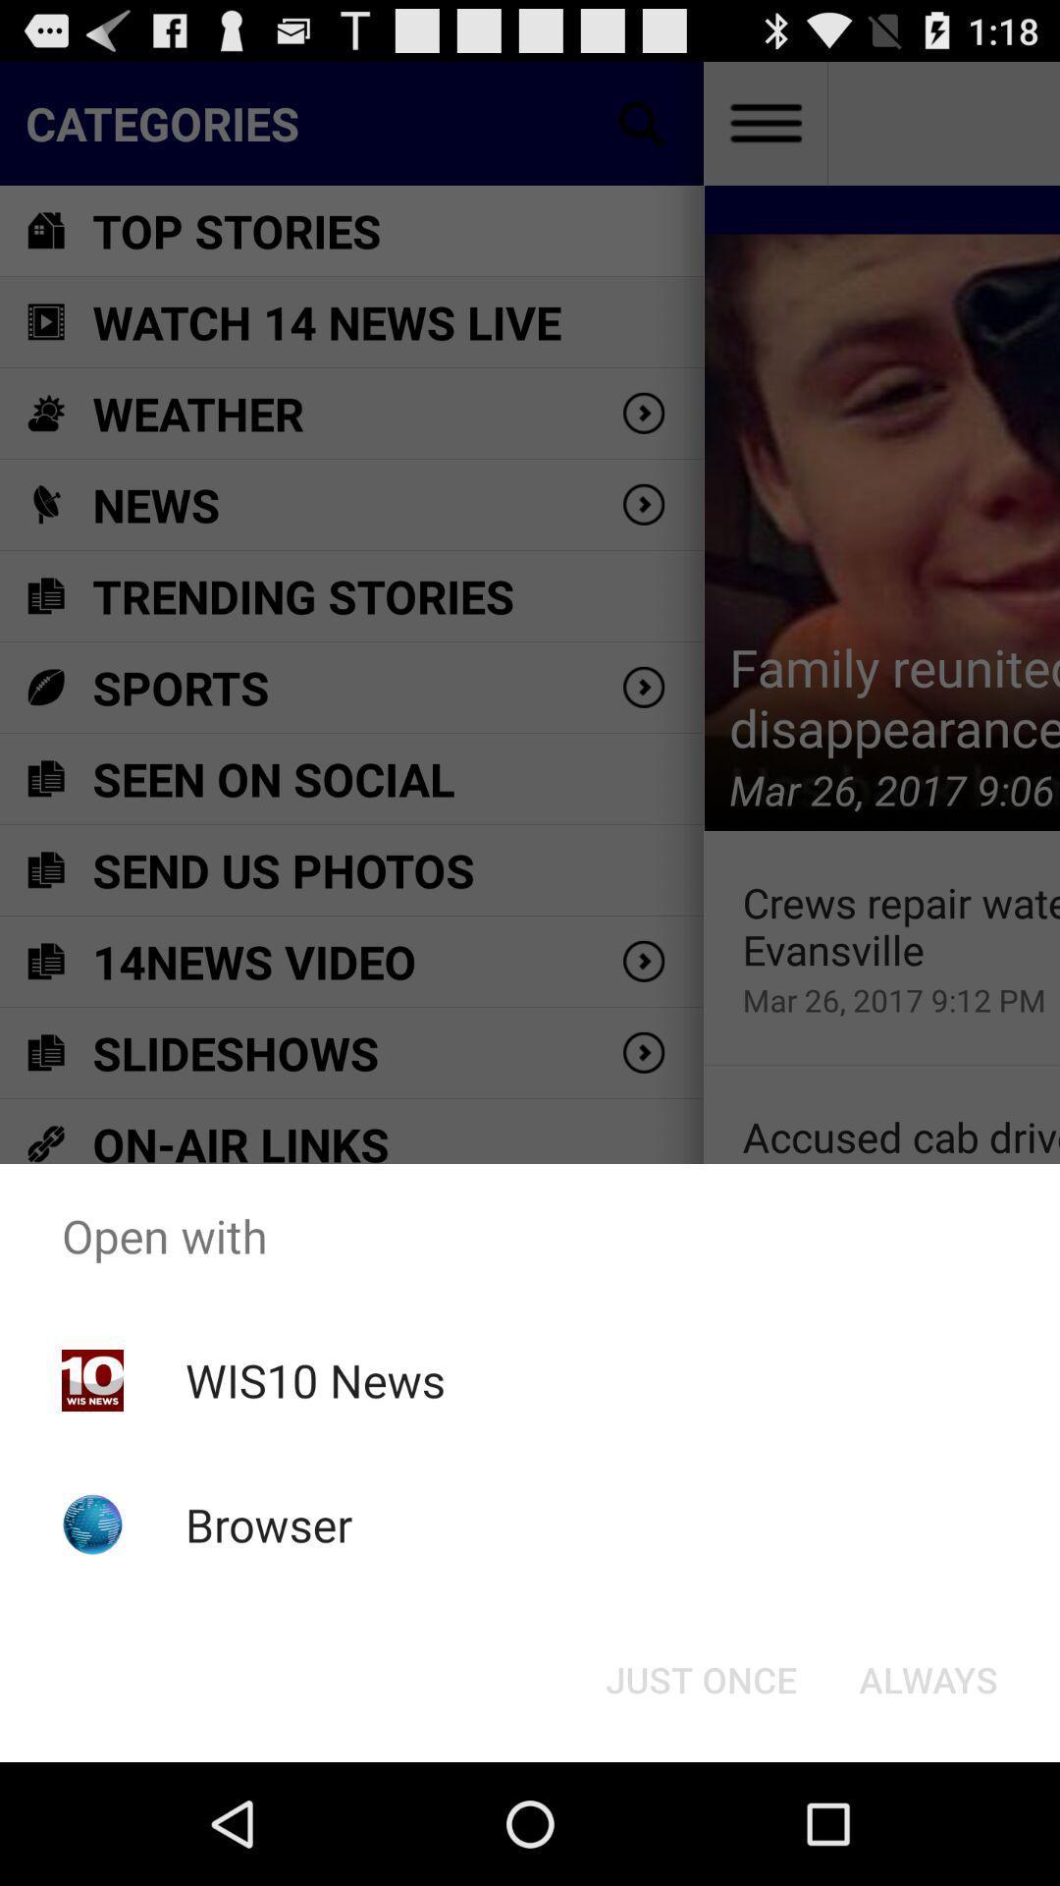 Image resolution: width=1060 pixels, height=1886 pixels. Describe the element at coordinates (927, 1678) in the screenshot. I see `always button` at that location.